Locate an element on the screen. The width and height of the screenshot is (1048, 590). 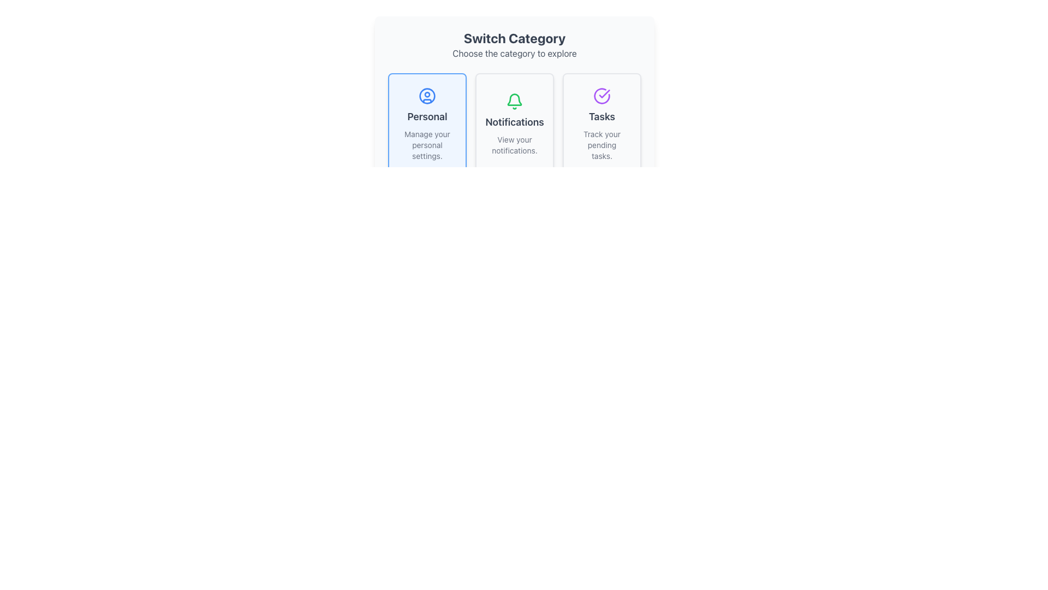
the stylized bell icon with a green outline located in the 'Notifications' section of the interface, which is centered in the middle card below its title 'Notifications' is located at coordinates (514, 99).